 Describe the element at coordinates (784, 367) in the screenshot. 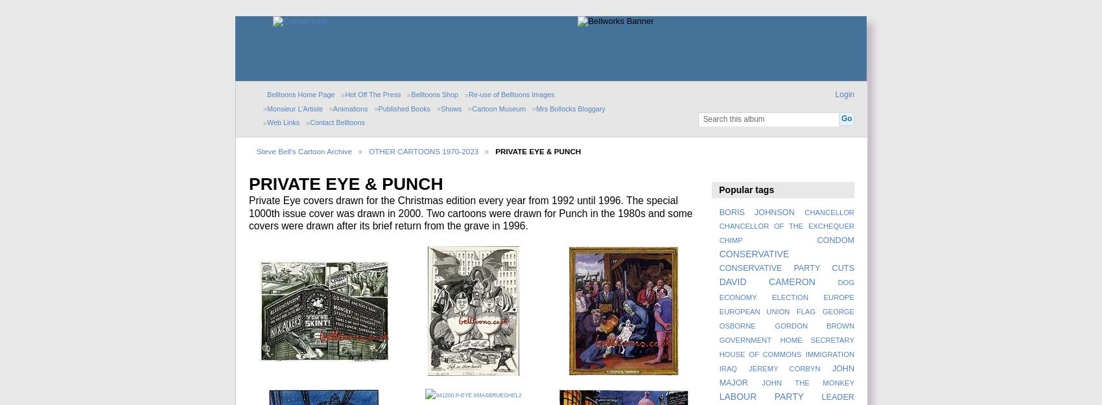

I see `'JEREMY CORBYN'` at that location.